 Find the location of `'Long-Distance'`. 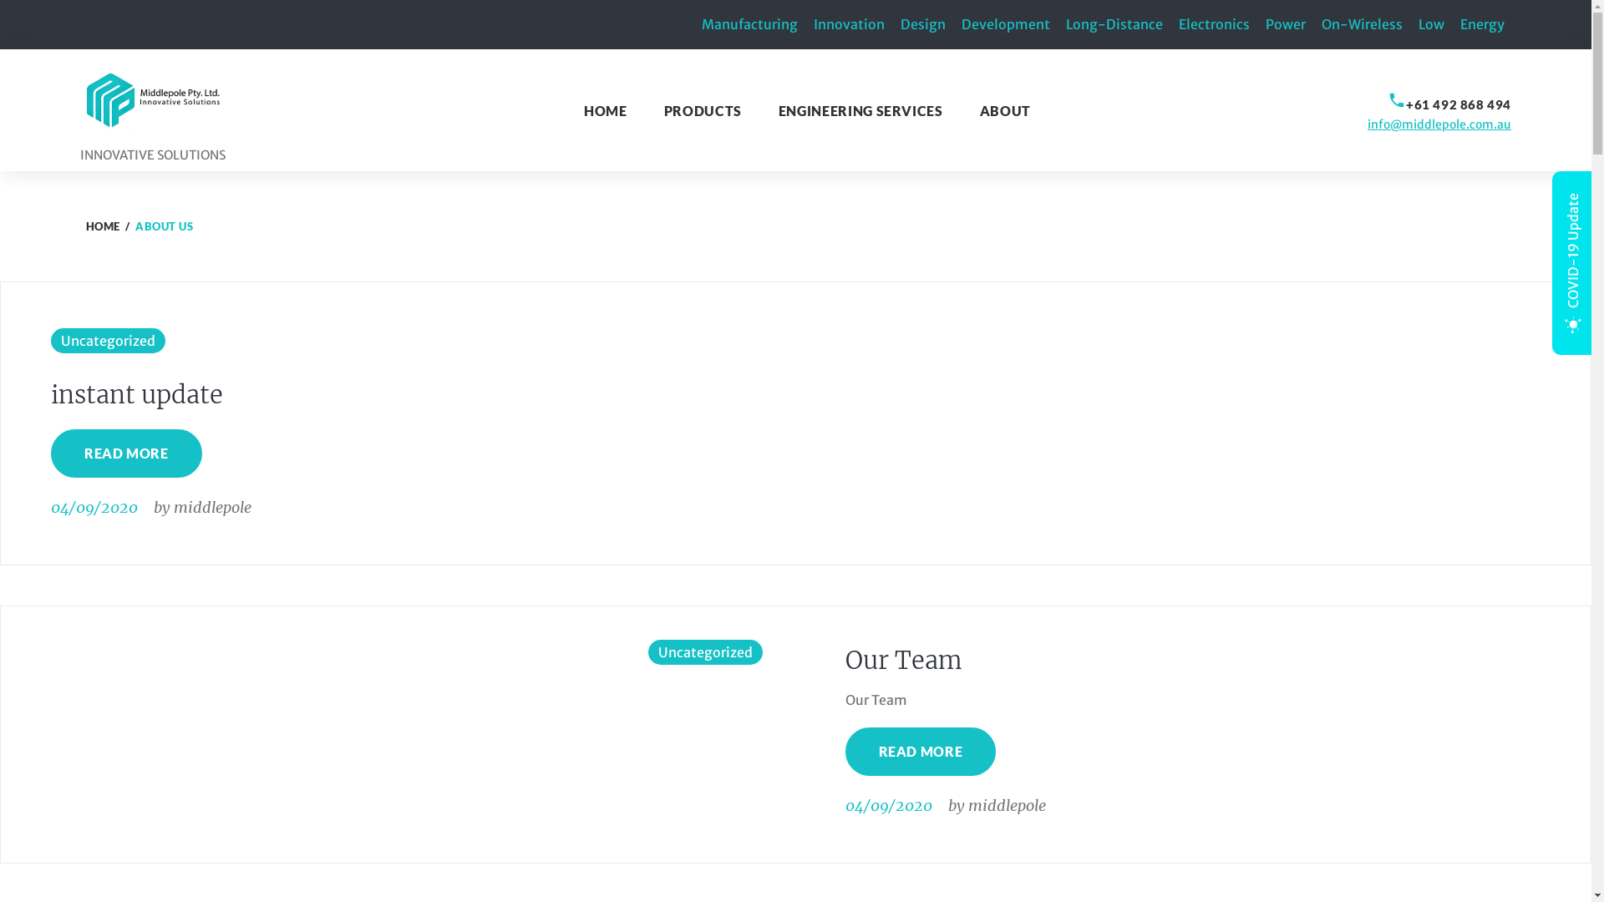

'Long-Distance' is located at coordinates (1114, 24).